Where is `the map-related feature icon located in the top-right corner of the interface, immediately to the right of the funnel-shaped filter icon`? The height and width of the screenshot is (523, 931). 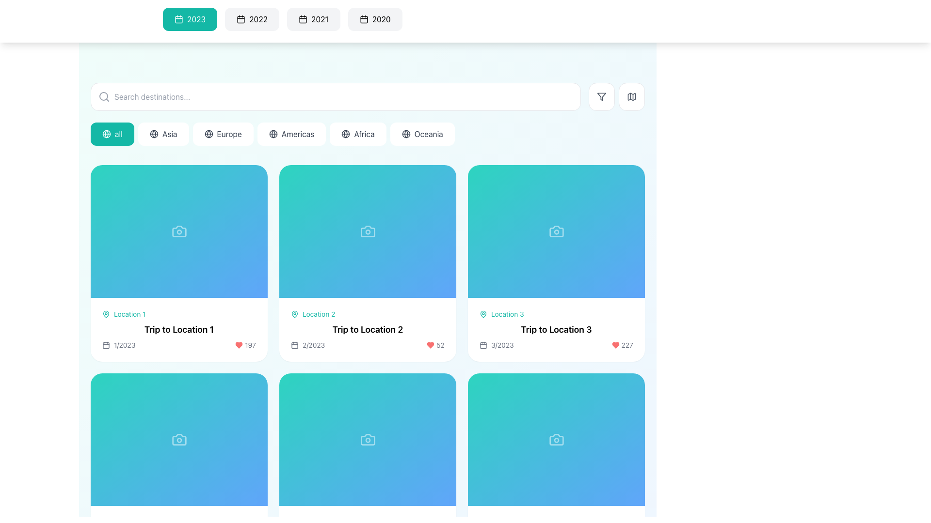
the map-related feature icon located in the top-right corner of the interface, immediately to the right of the funnel-shaped filter icon is located at coordinates (631, 97).